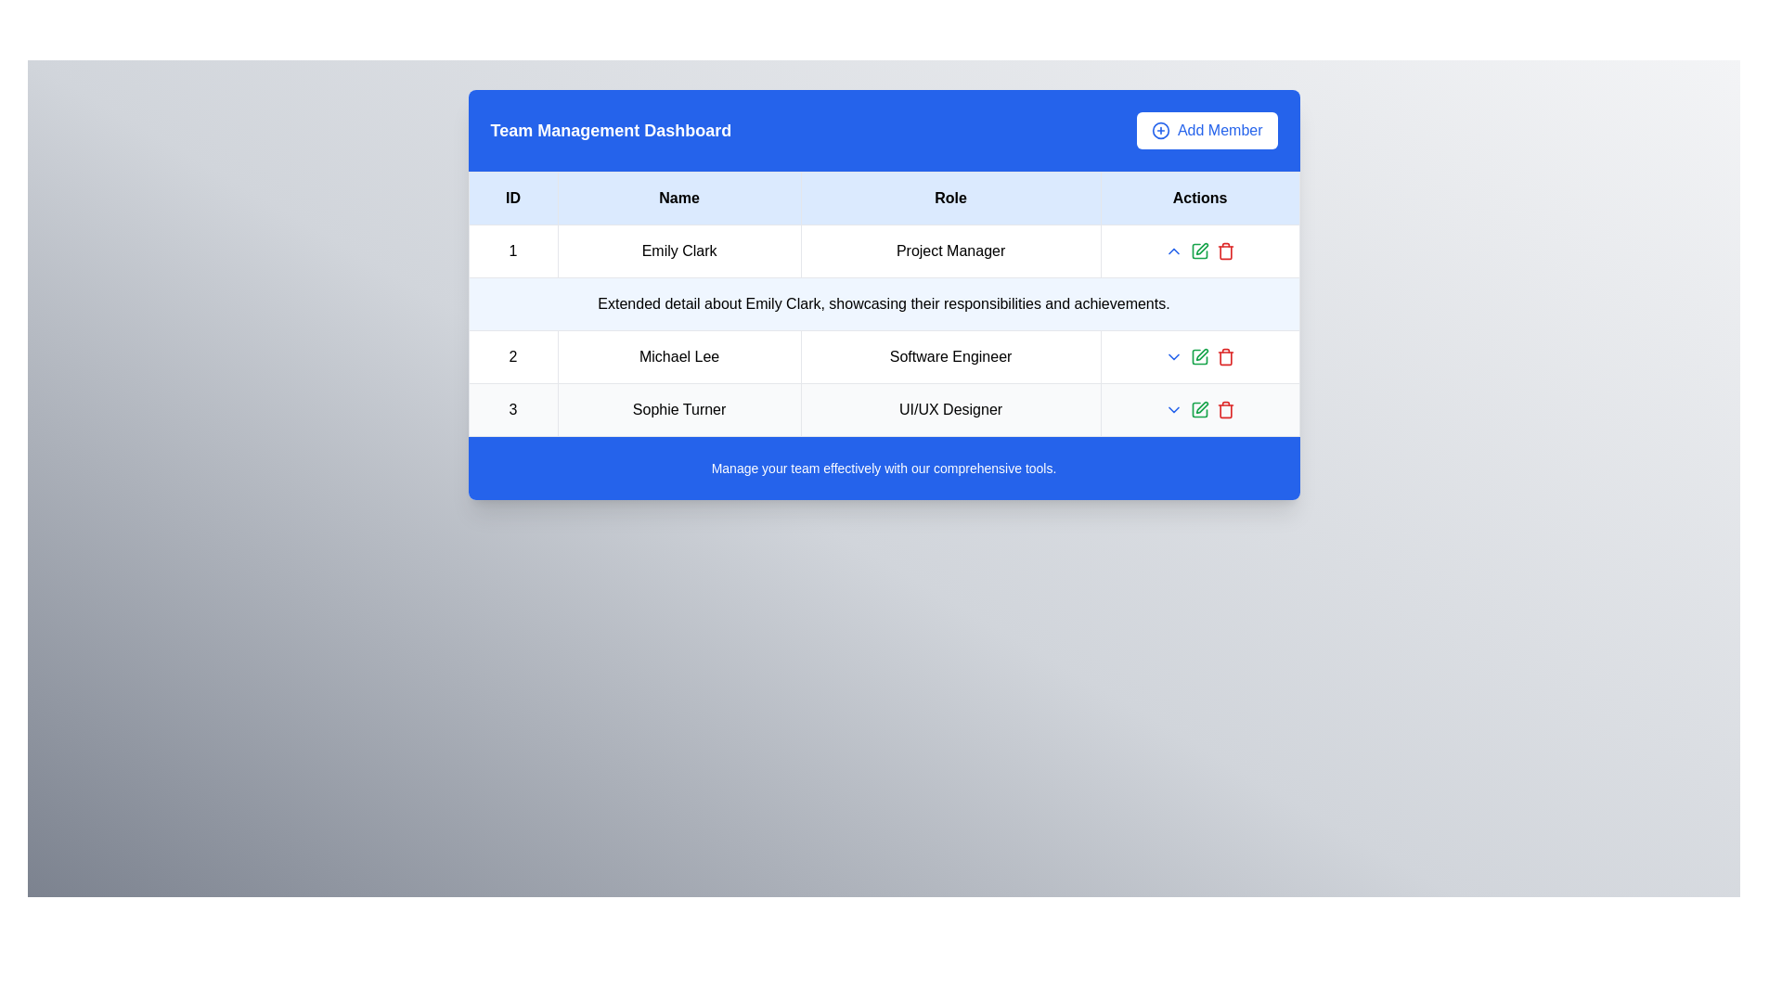 The image size is (1782, 1002). Describe the element at coordinates (513, 198) in the screenshot. I see `the table header cell for the ID column, which is the leftmost cell in the header row of the table` at that location.